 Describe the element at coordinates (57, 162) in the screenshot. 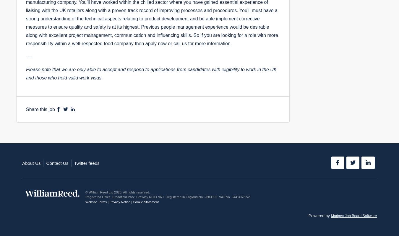

I see `'Contact Us'` at that location.